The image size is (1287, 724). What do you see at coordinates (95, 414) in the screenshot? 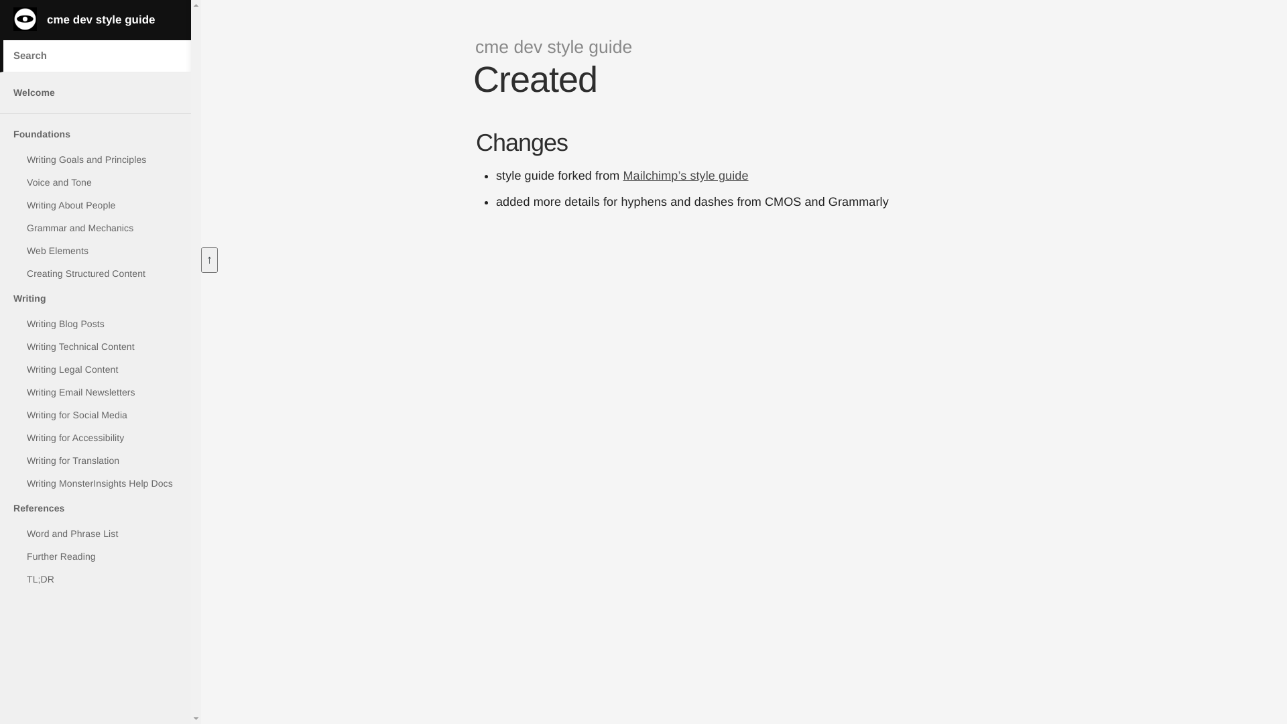
I see `'Writing for Social Media'` at bounding box center [95, 414].